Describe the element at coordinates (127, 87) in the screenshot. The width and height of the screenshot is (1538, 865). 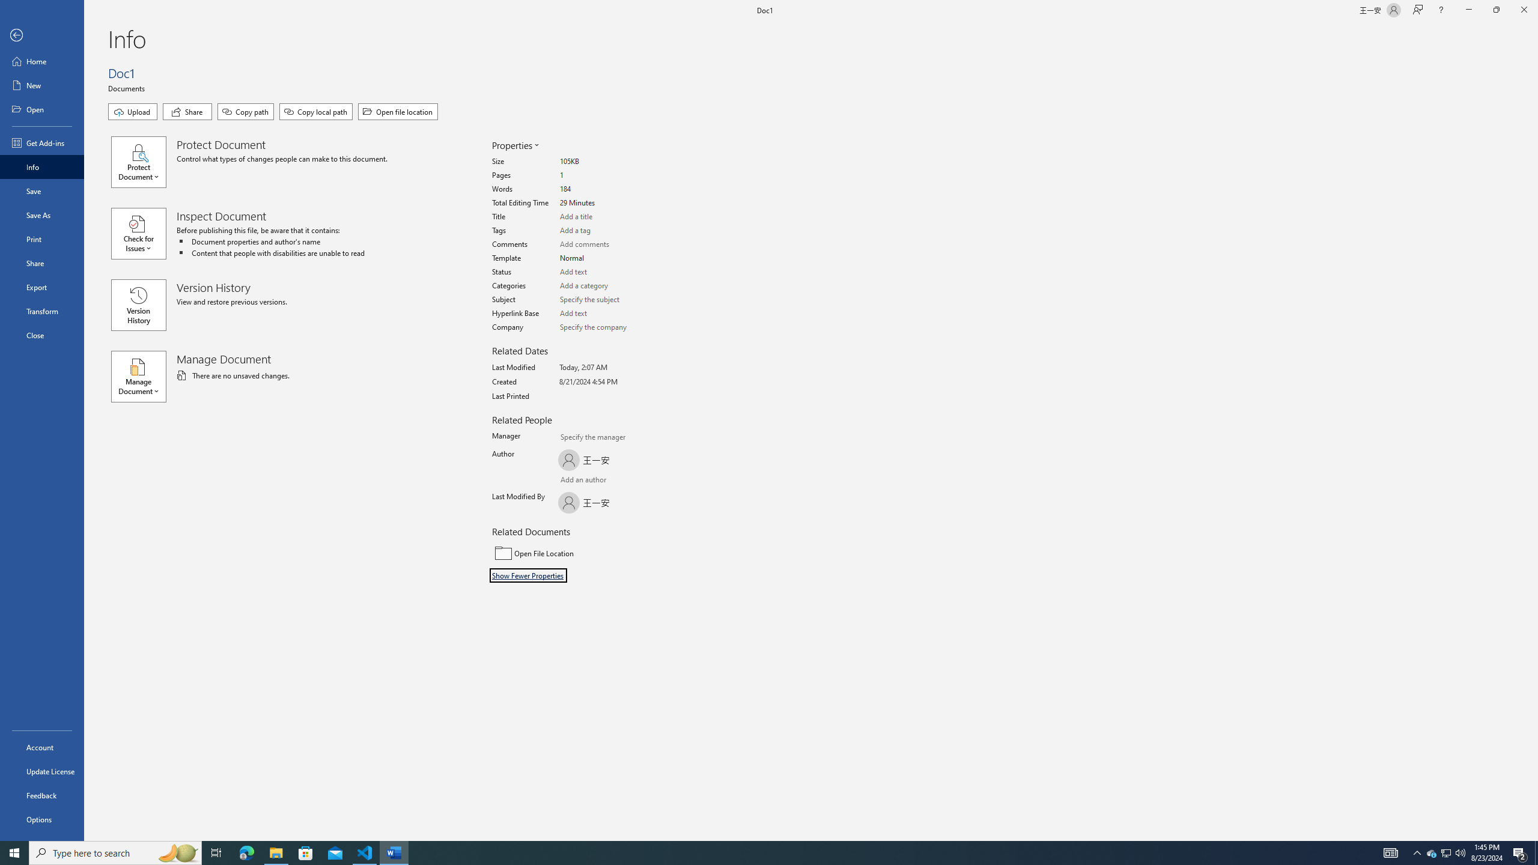
I see `'Documents'` at that location.